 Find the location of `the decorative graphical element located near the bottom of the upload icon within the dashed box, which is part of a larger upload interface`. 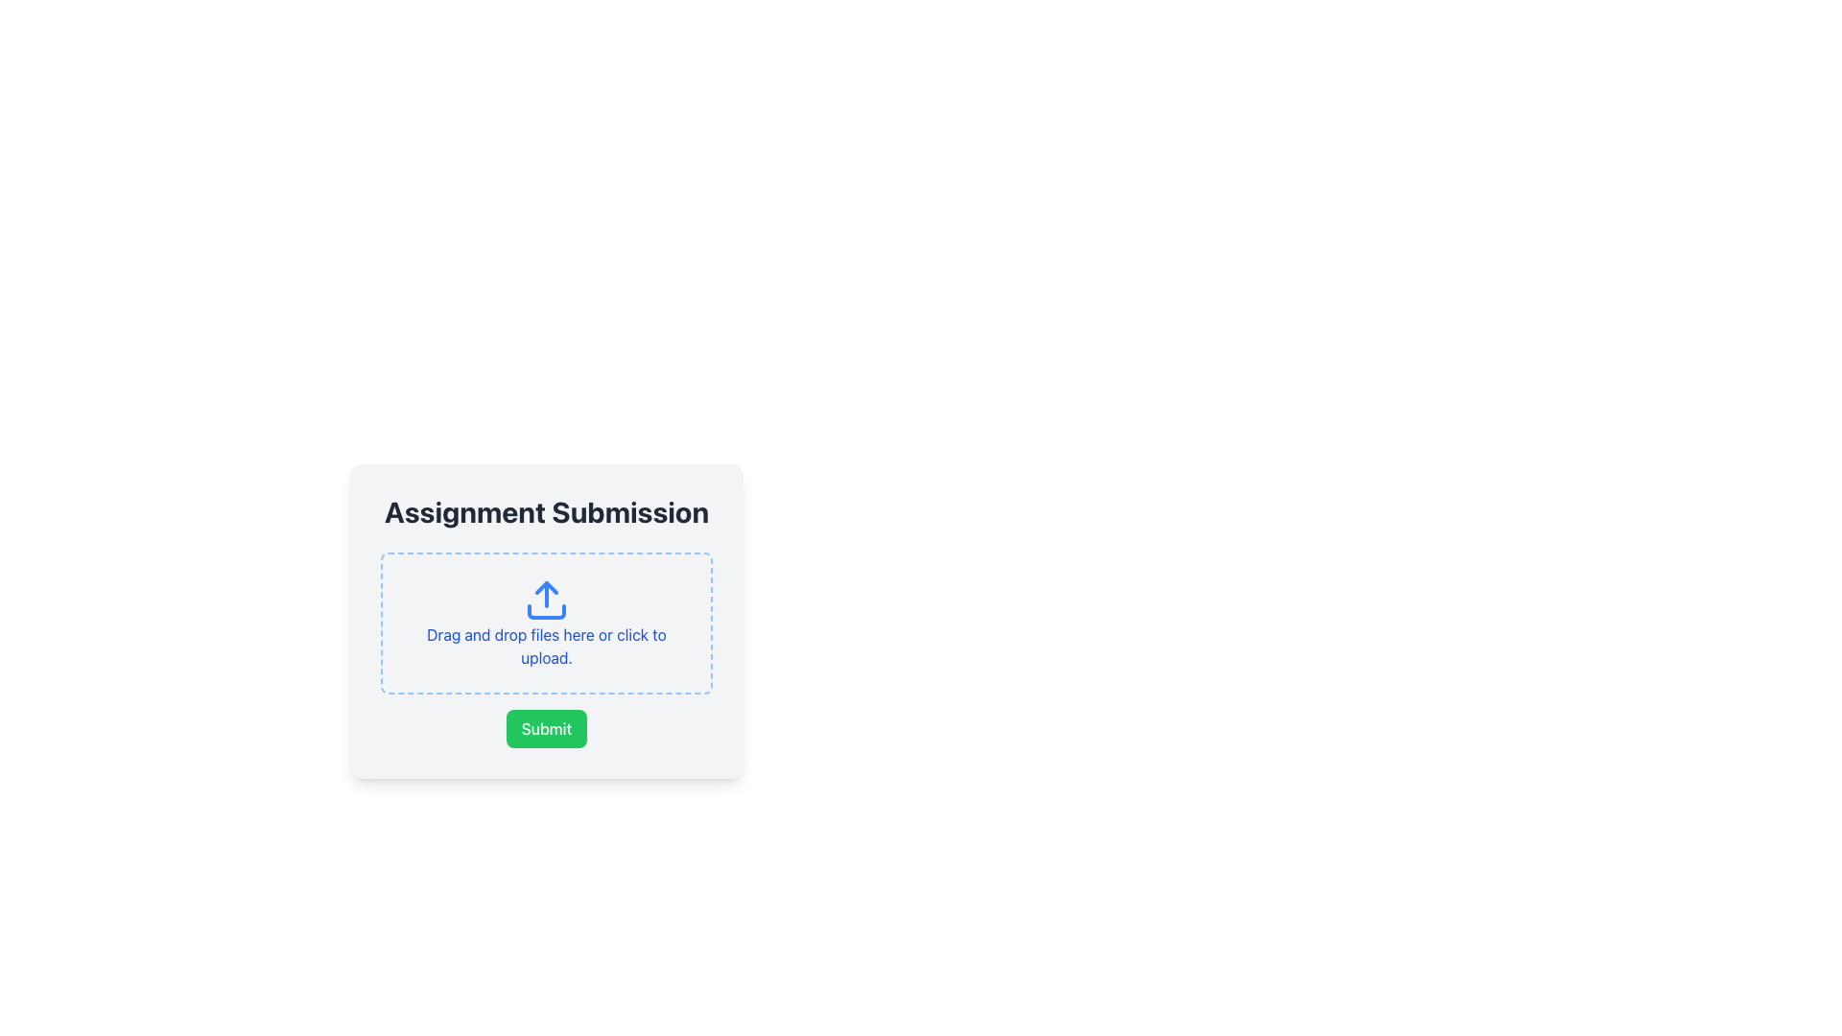

the decorative graphical element located near the bottom of the upload icon within the dashed box, which is part of a larger upload interface is located at coordinates (546, 611).